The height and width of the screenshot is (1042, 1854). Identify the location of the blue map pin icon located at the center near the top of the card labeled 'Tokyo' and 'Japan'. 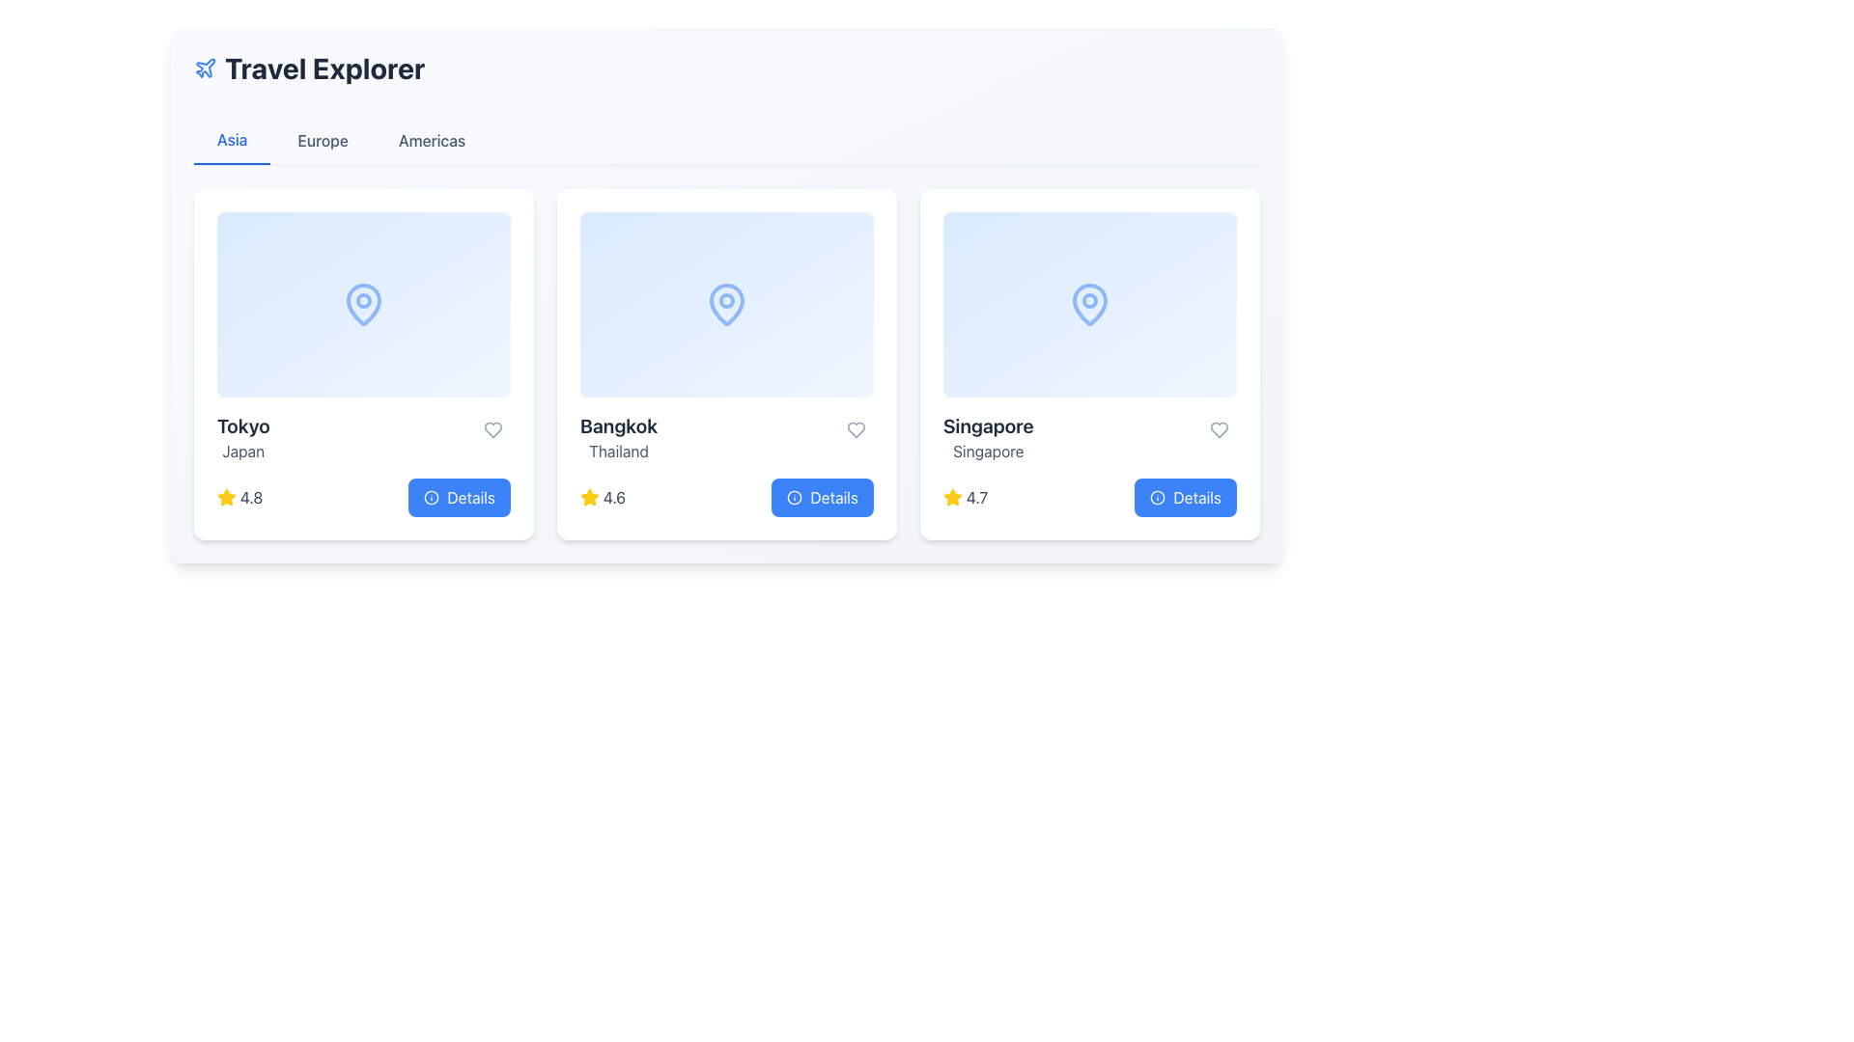
(364, 304).